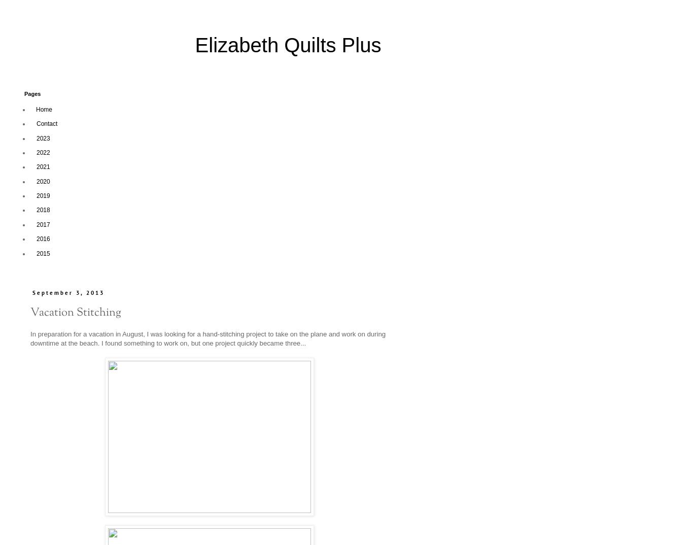  Describe the element at coordinates (207, 337) in the screenshot. I see `'In preparation for a vacation in August, I was looking for a hand-stitching project to take on the plane and work on during downtime at the beach. I found something to work on, but one project quickly became three...'` at that location.